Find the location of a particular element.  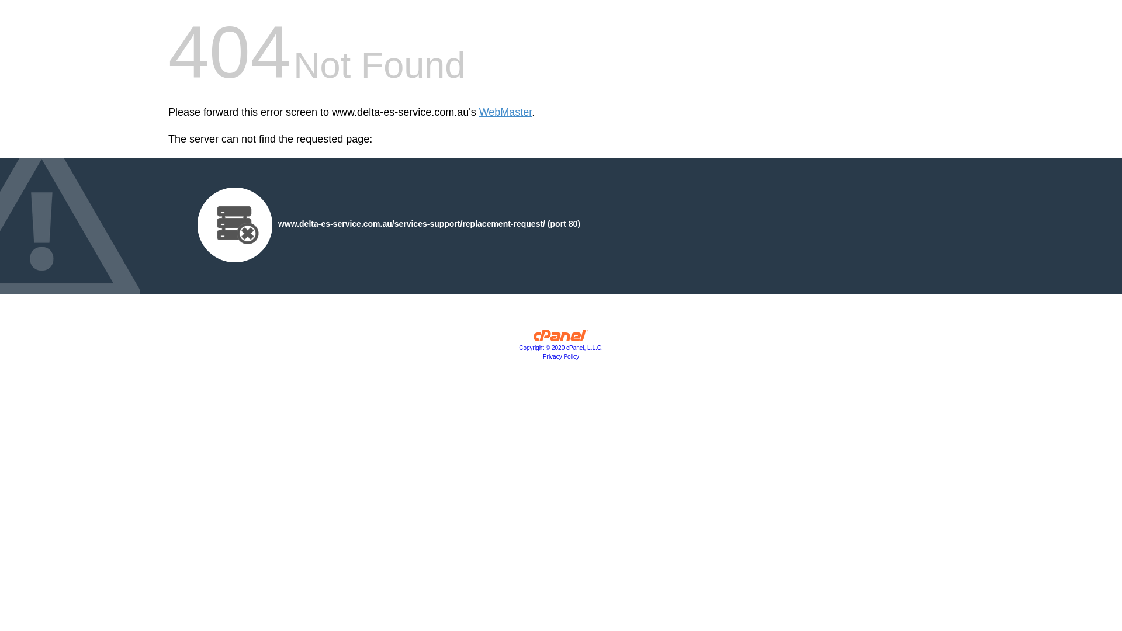

'WebMaster' is located at coordinates (505, 112).